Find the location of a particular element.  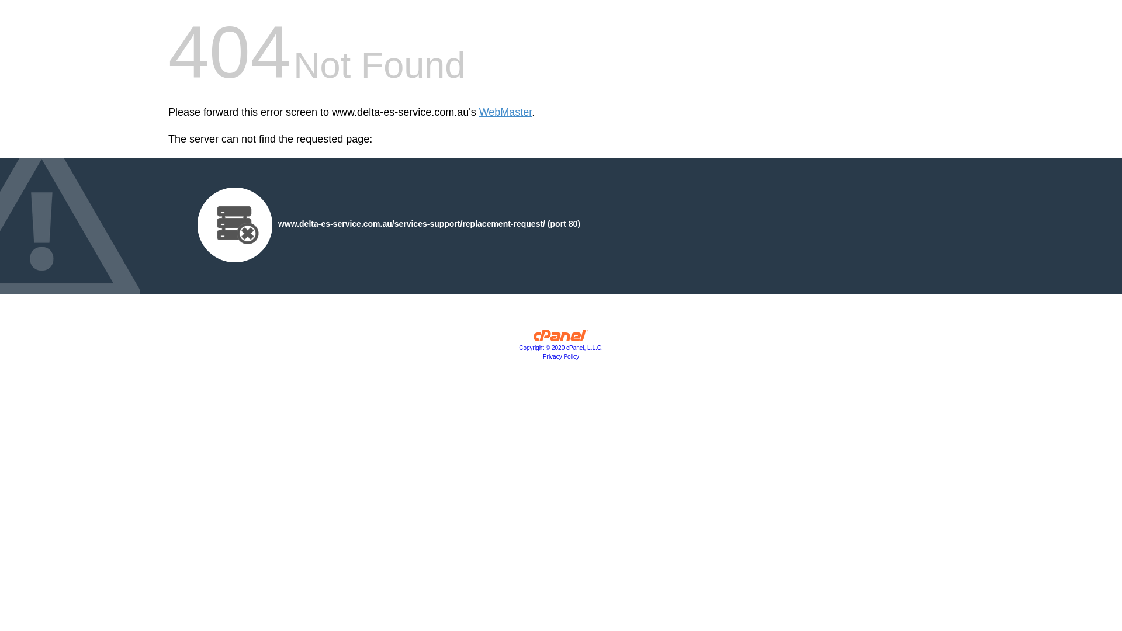

'WebMaster' is located at coordinates (505, 112).